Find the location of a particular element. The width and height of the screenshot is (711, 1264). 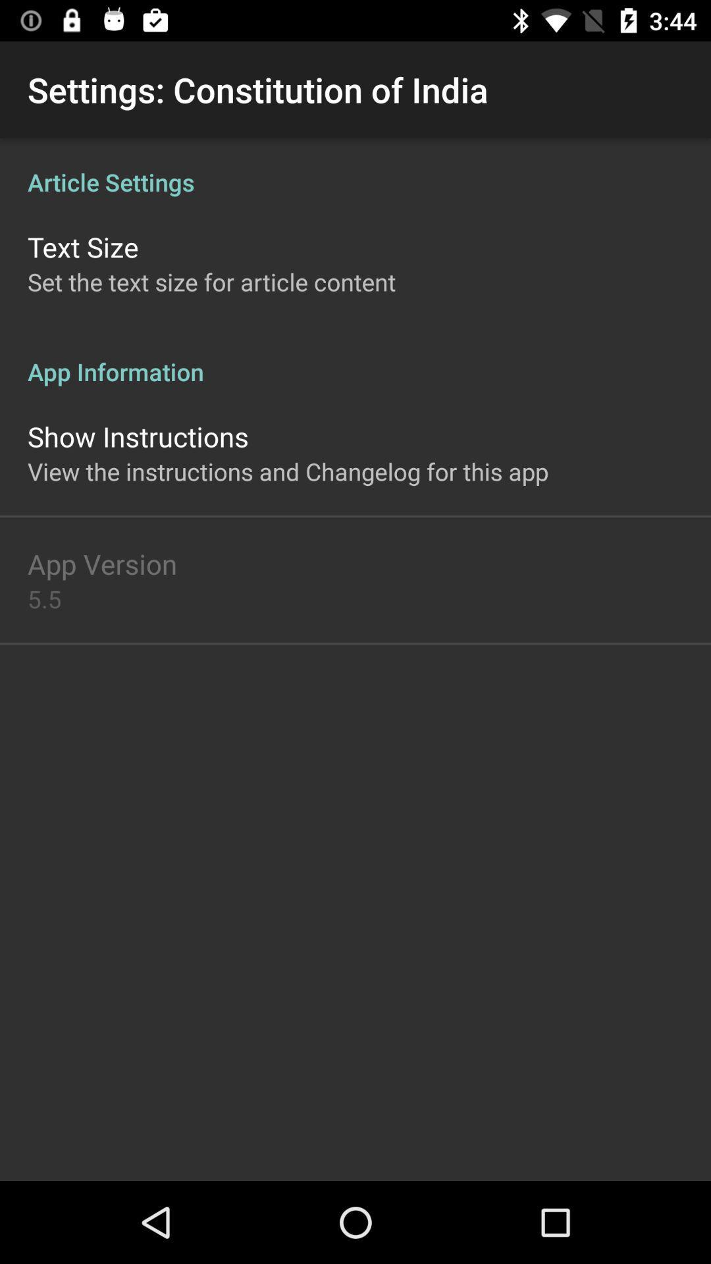

item above the app information is located at coordinates (211, 281).